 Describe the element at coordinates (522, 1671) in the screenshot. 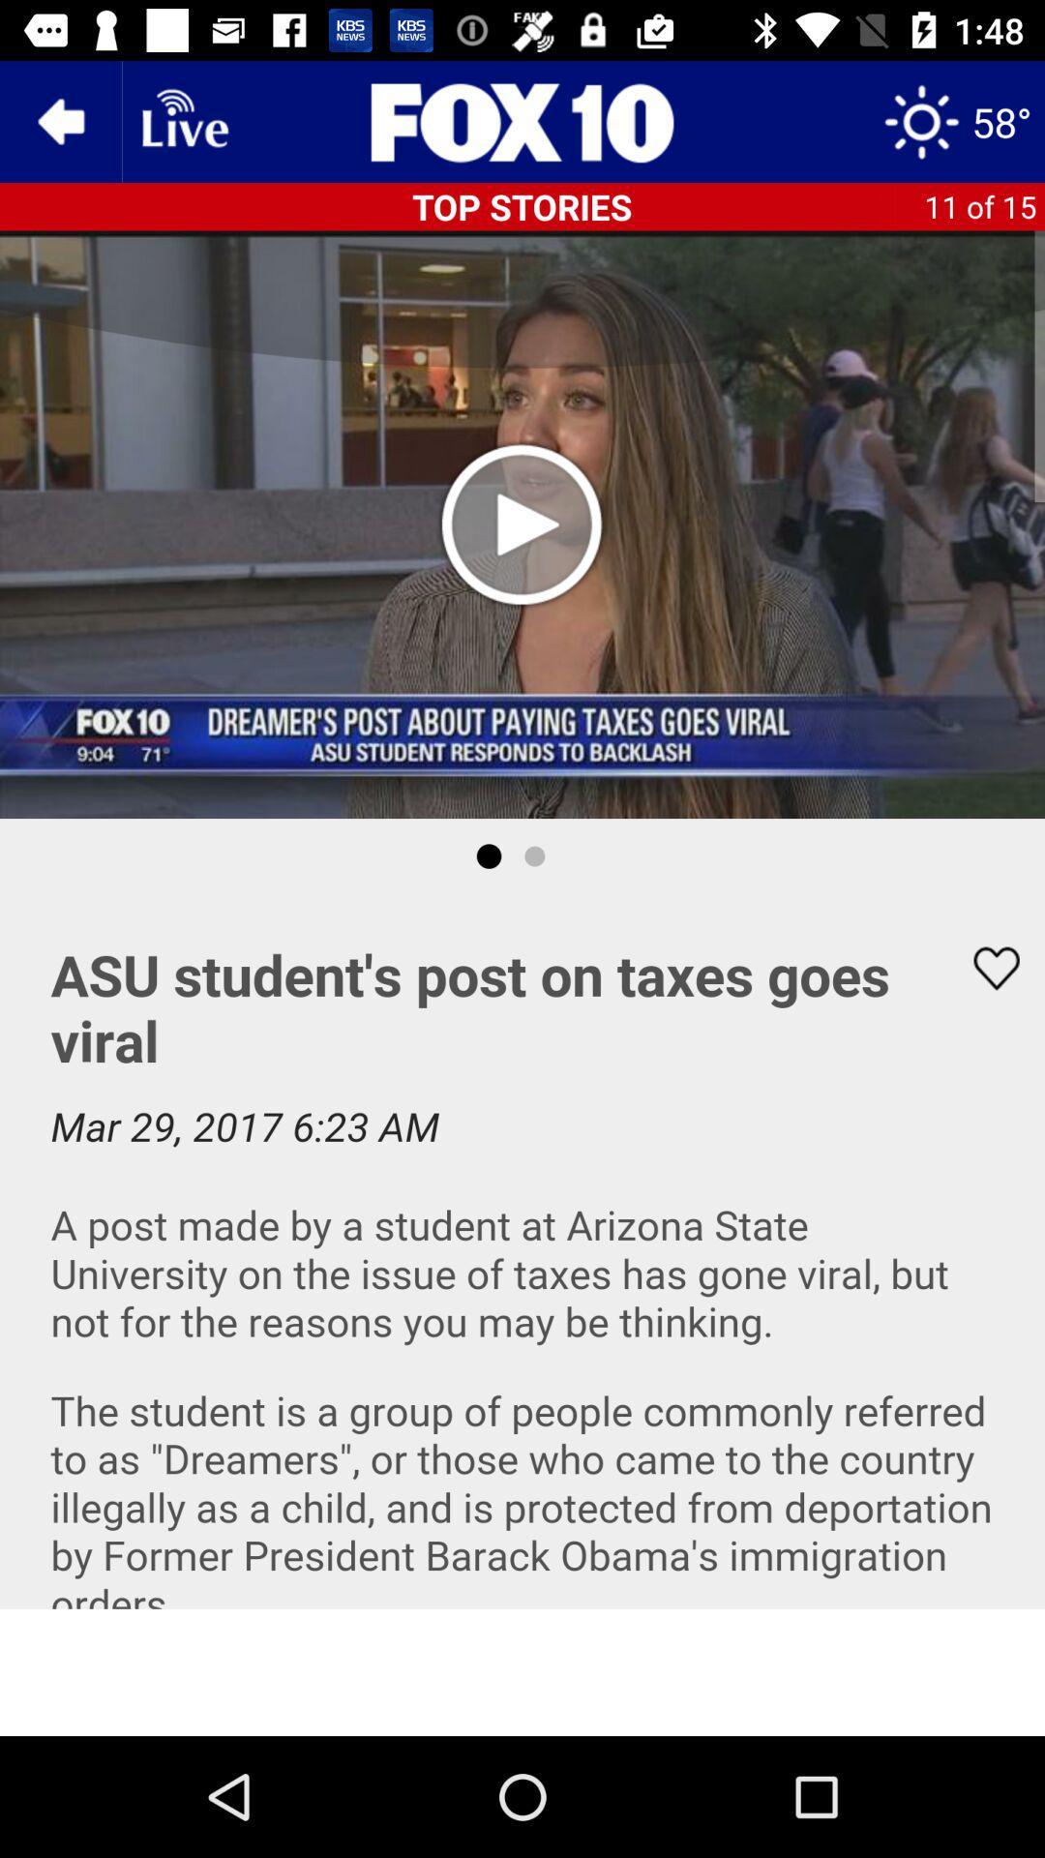

I see `mite page` at that location.